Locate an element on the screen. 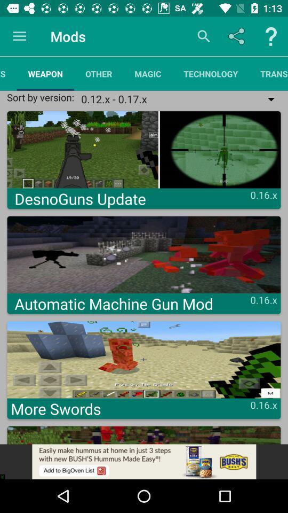 This screenshot has width=288, height=513. the item to the right of the magic is located at coordinates (211, 73).